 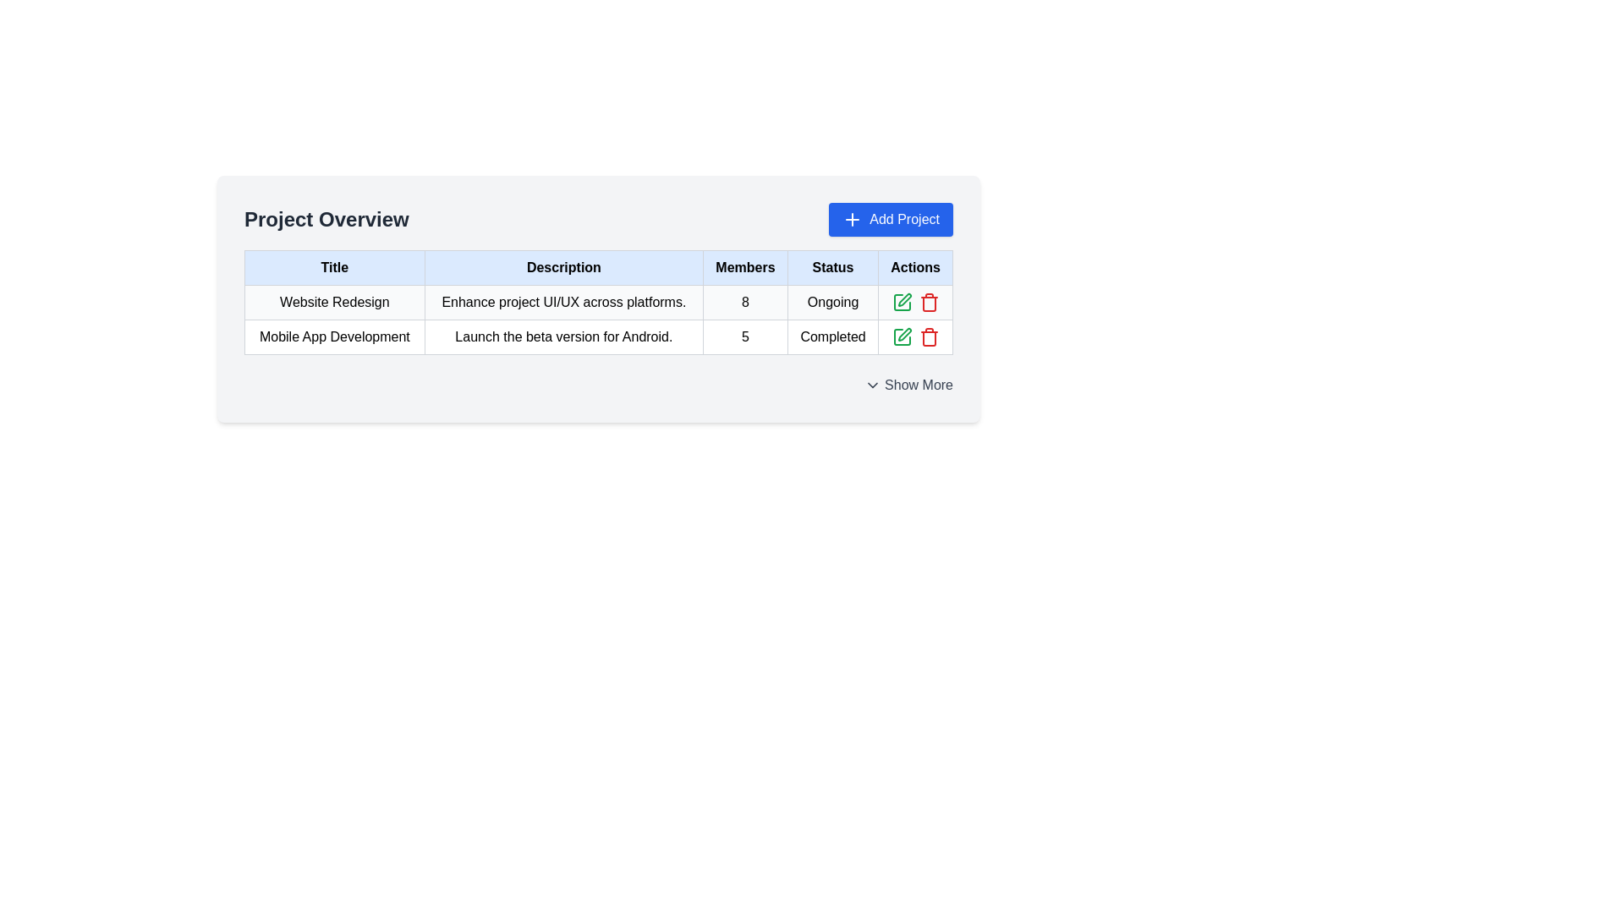 I want to click on the green pen icon button located in the 'Actions' column of the data table, corresponding to the 'Website Redesign' project, so click(x=903, y=298).